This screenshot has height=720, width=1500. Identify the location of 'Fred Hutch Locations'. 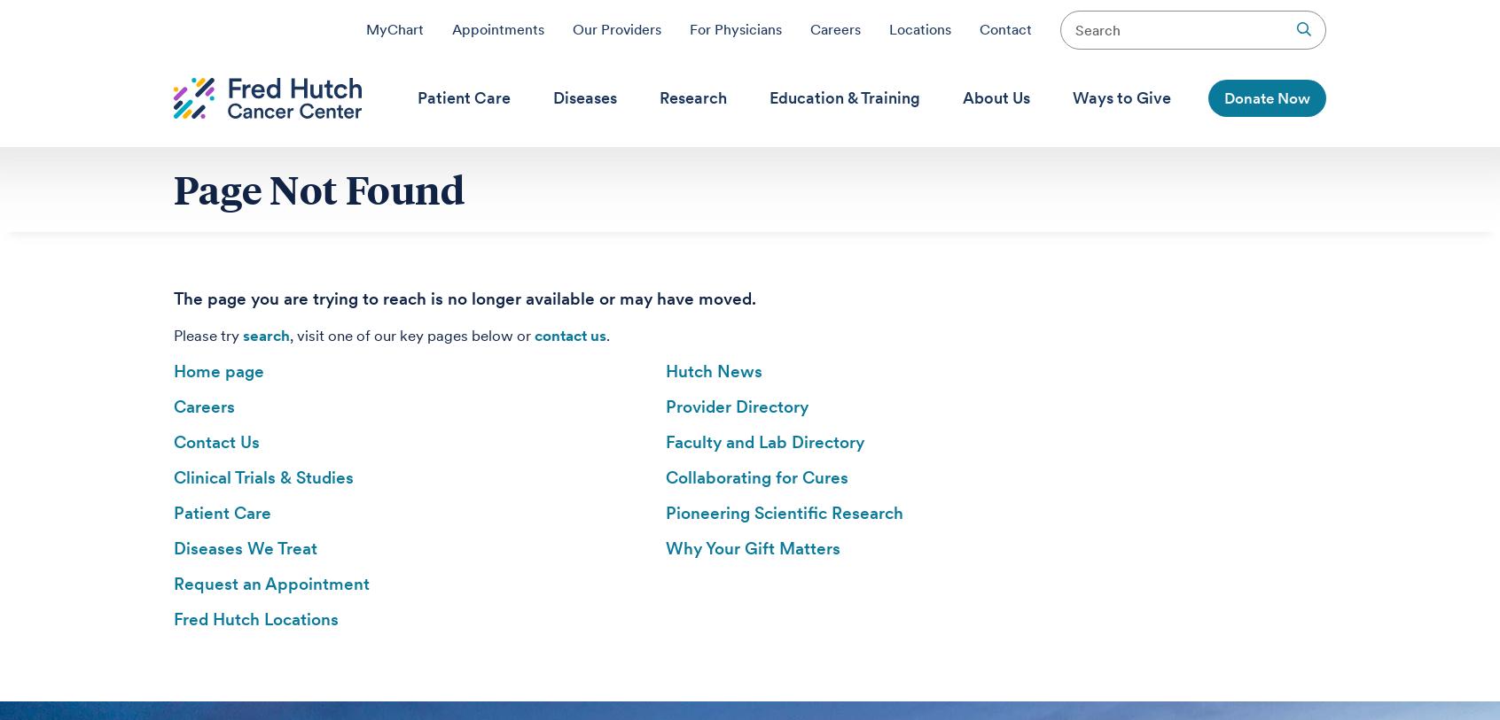
(254, 619).